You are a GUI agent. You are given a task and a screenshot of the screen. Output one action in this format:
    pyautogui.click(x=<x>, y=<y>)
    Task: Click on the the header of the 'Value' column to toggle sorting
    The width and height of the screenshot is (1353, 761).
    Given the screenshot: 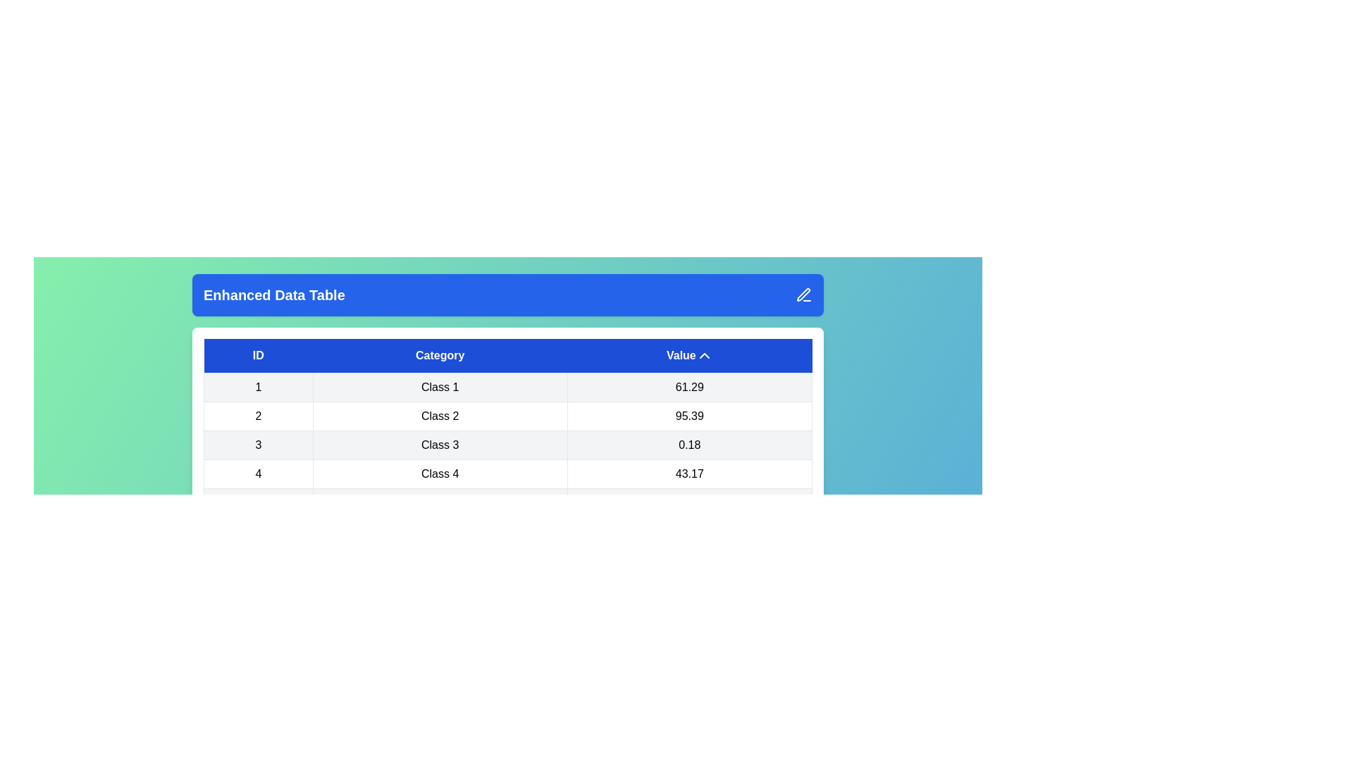 What is the action you would take?
    pyautogui.click(x=689, y=355)
    